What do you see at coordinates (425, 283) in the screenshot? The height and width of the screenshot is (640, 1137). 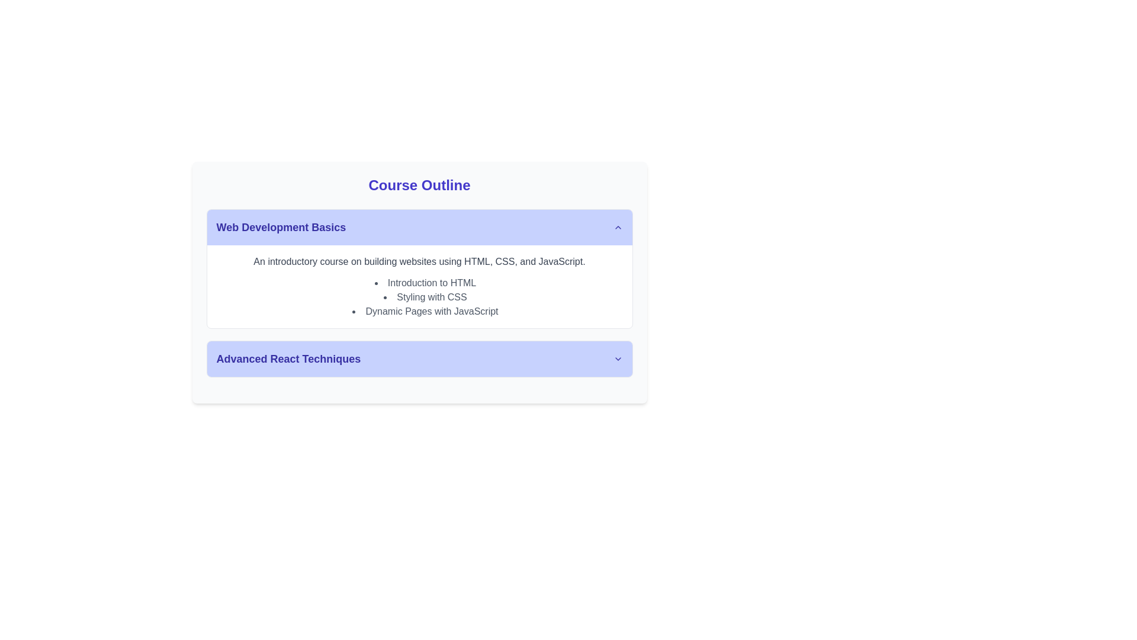 I see `the first item title in the bulleted list below 'Web Development Basics'` at bounding box center [425, 283].